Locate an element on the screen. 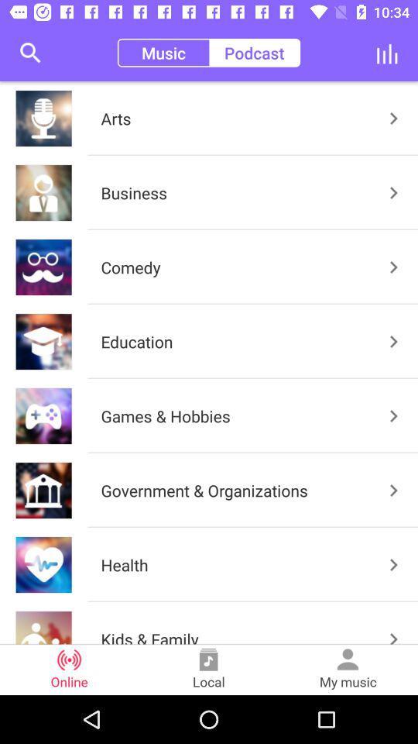  the local is located at coordinates (209, 669).